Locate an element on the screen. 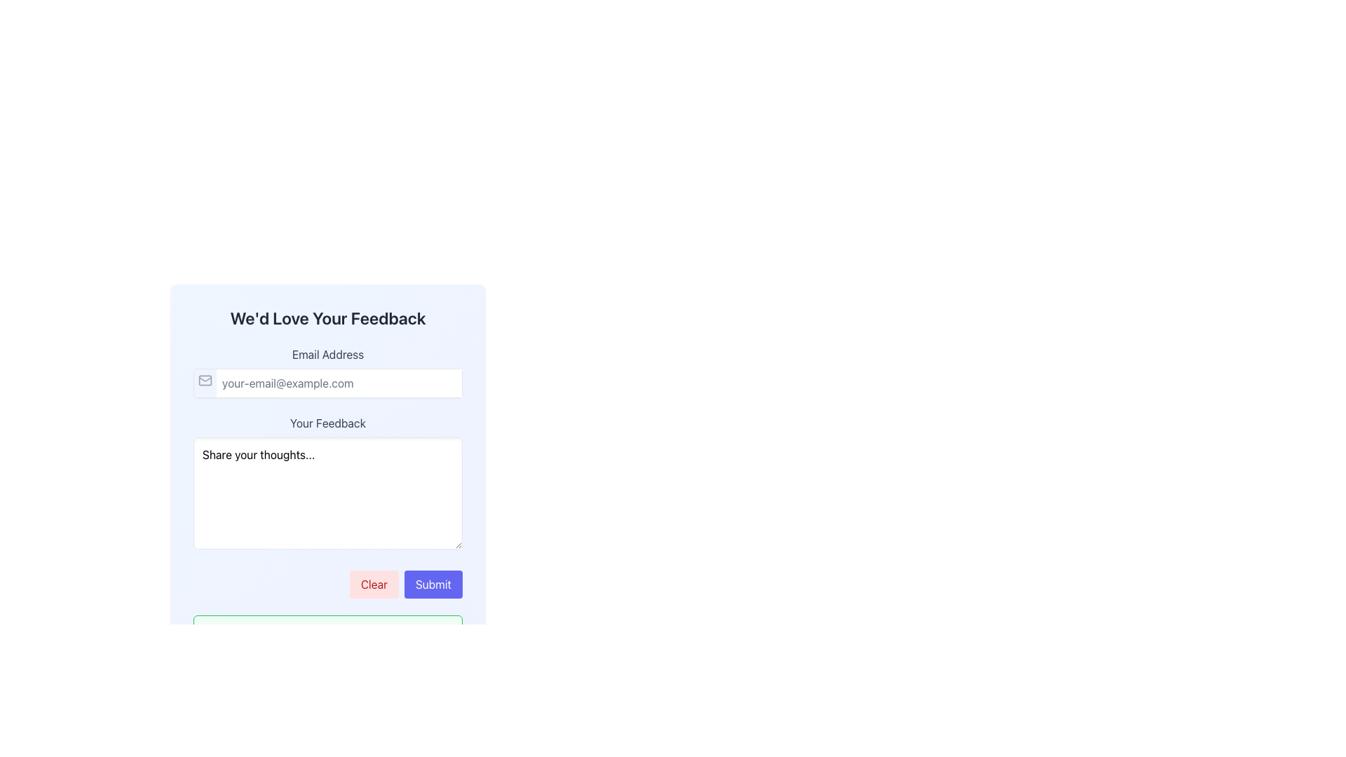  the small SVG circle located in the bottom-right corner of the feedback form interface, below the 'Submit' button is located at coordinates (443, 634).